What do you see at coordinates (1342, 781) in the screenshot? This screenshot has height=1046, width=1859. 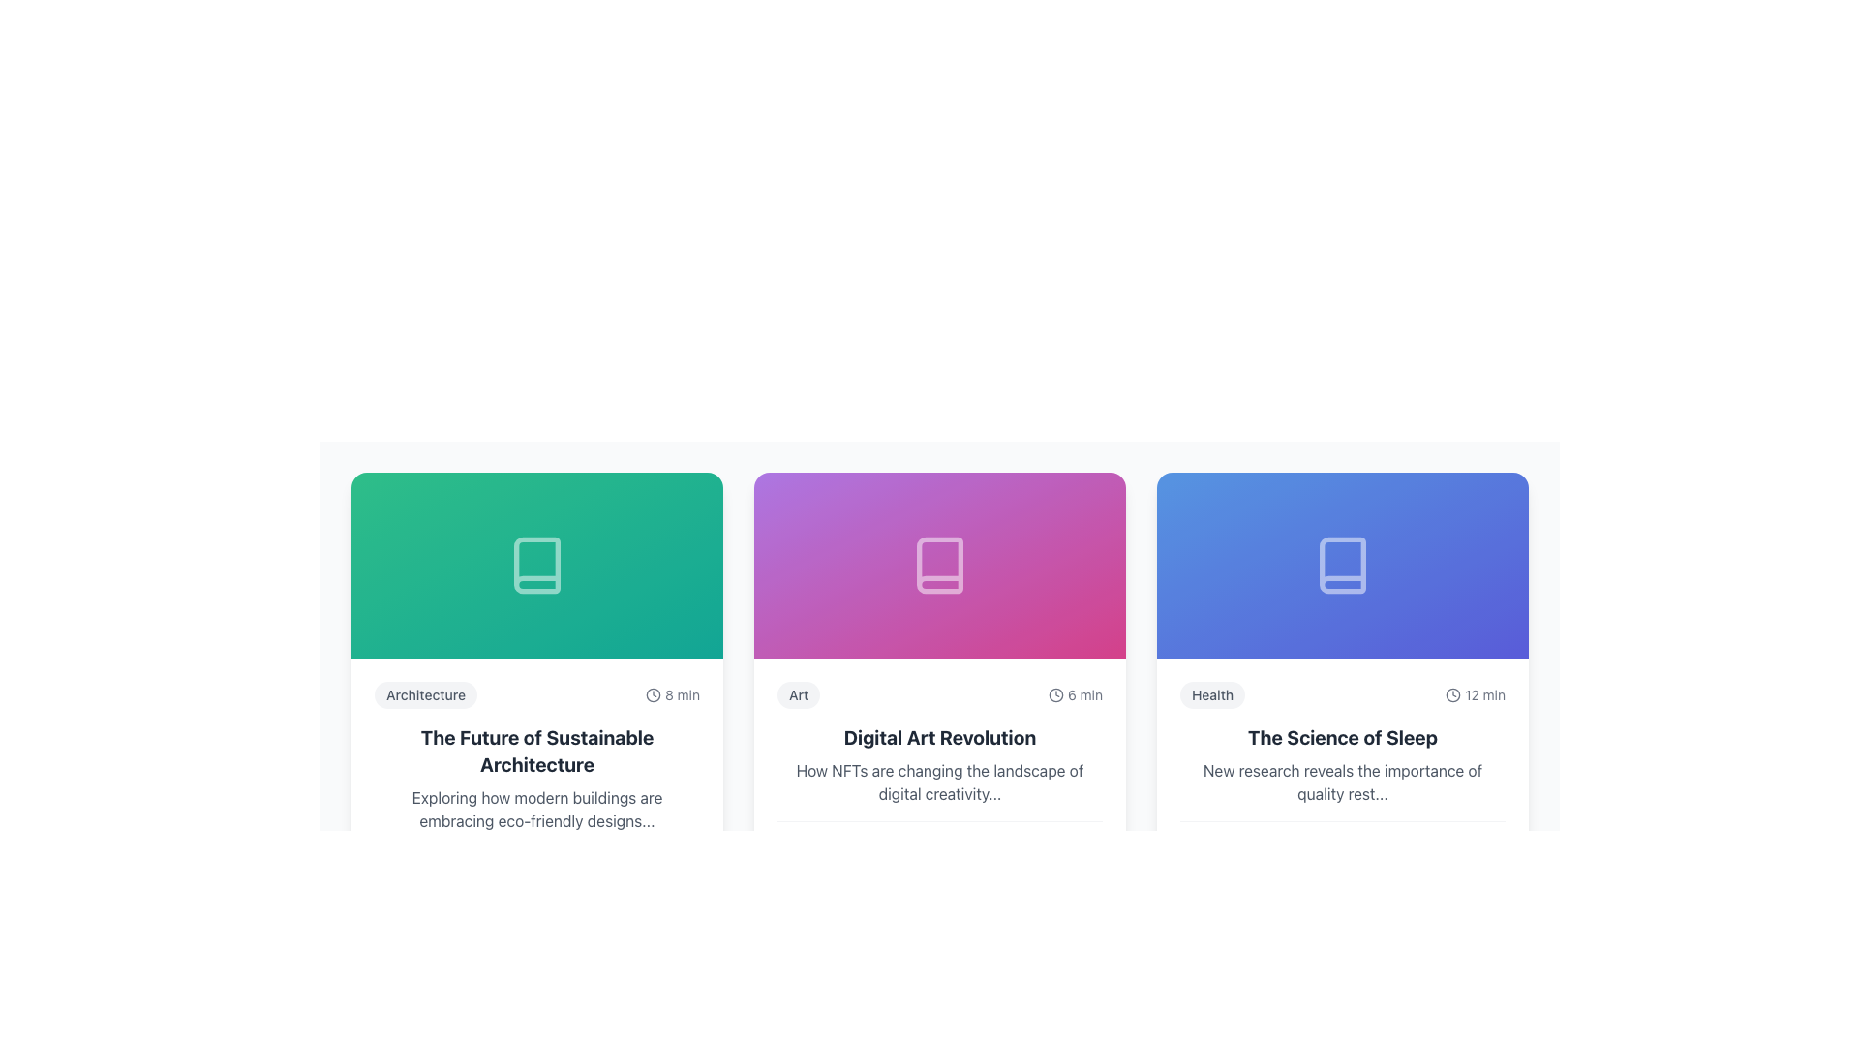 I see `the text block located in the rightmost card, positioned below the title 'The Science of Sleep' and above the button interface elements` at bounding box center [1342, 781].